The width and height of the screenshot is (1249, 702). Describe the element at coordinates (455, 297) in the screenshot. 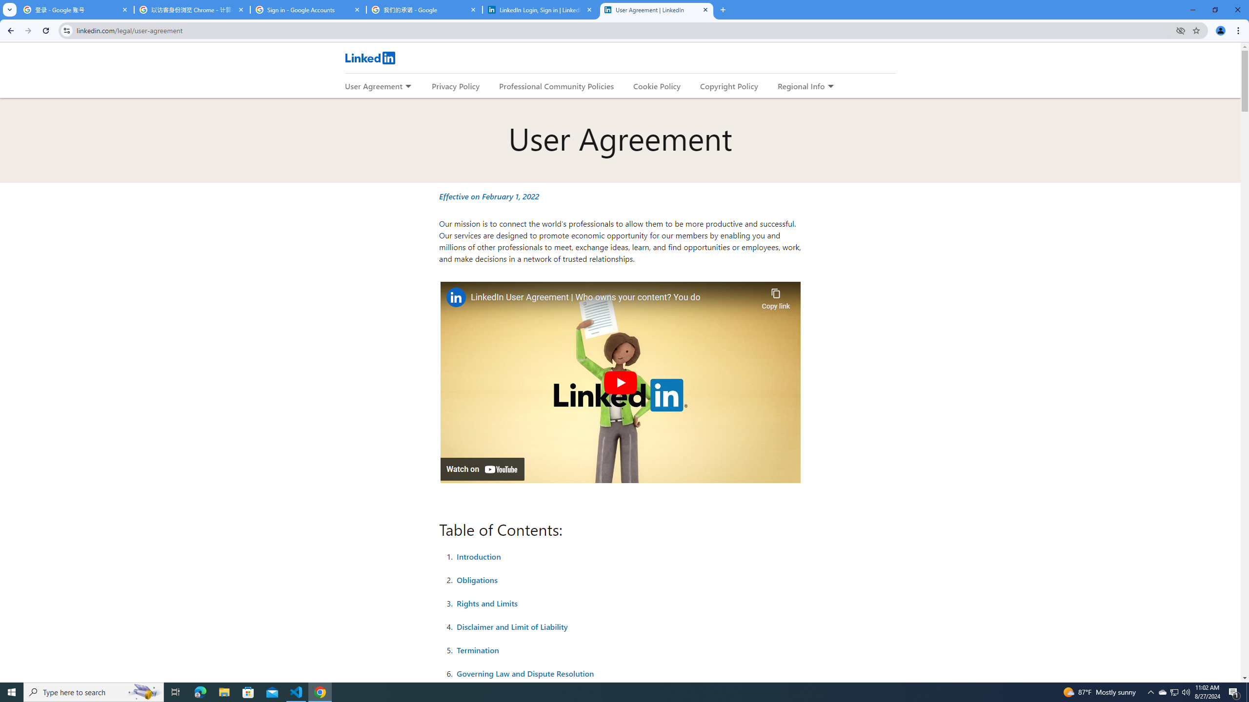

I see `'Photo image of LinkedIn'` at that location.